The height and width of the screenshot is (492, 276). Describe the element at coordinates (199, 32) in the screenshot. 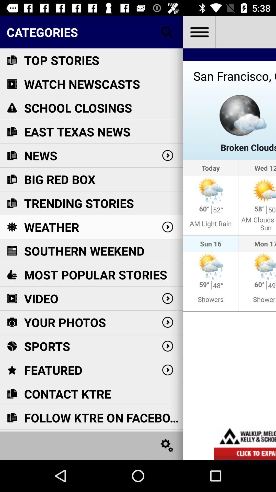

I see `deselect menu` at that location.